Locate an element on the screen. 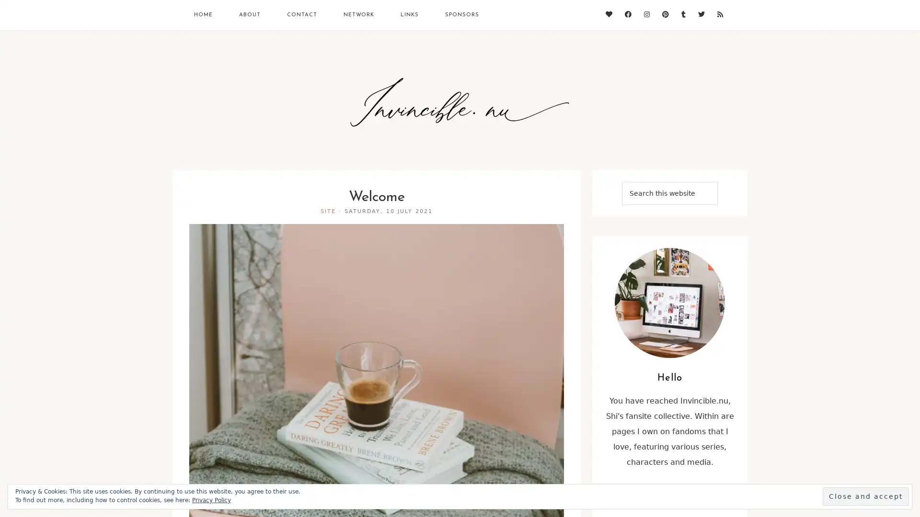  Close and accept is located at coordinates (865, 496).